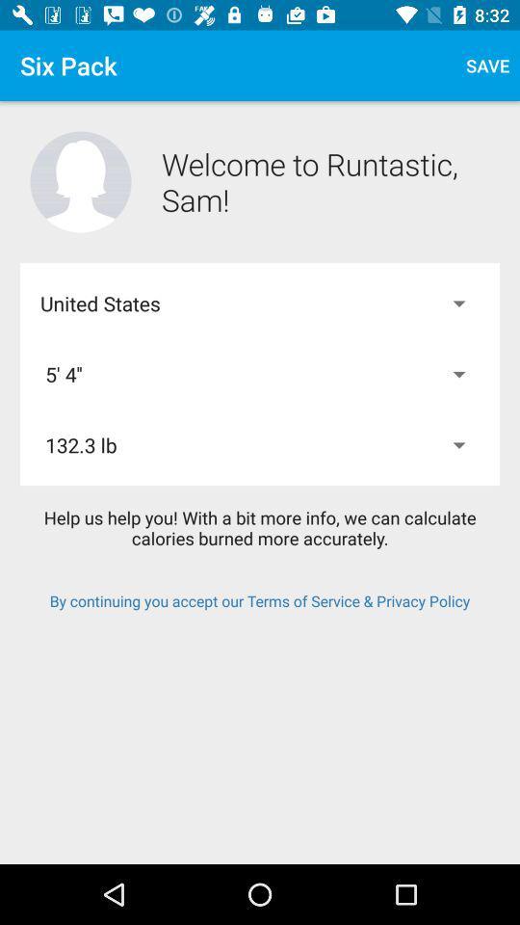 This screenshot has width=520, height=925. I want to click on icon below 5' 4'', so click(260, 445).